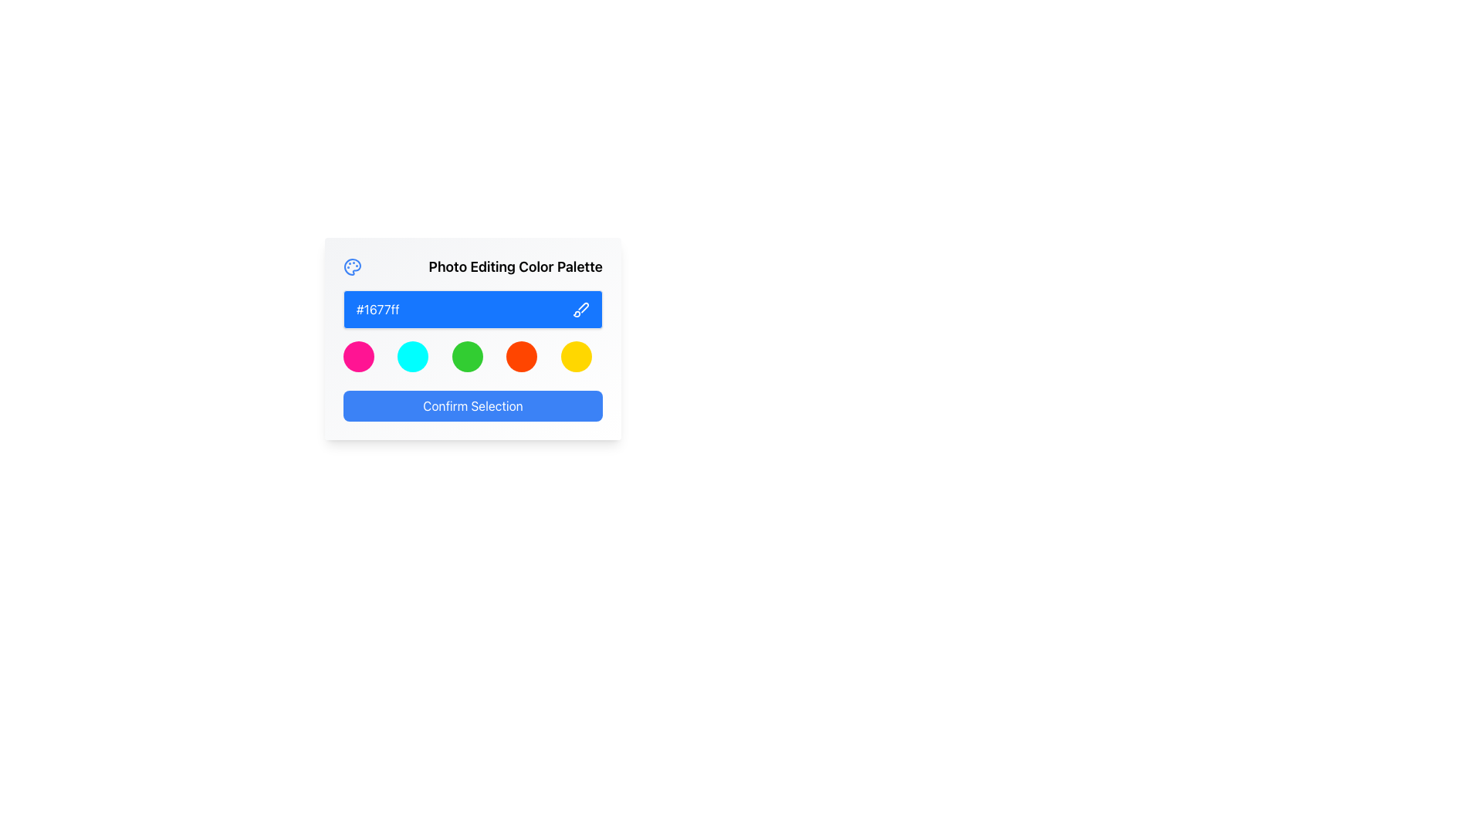 The image size is (1482, 834). Describe the element at coordinates (472, 405) in the screenshot. I see `the confirmation button in the 'Photo Editing Color Palette' interface` at that location.